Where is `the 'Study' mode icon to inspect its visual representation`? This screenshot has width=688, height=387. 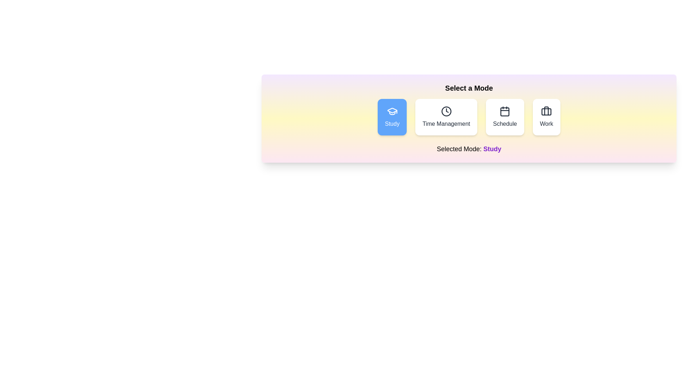
the 'Study' mode icon to inspect its visual representation is located at coordinates (392, 111).